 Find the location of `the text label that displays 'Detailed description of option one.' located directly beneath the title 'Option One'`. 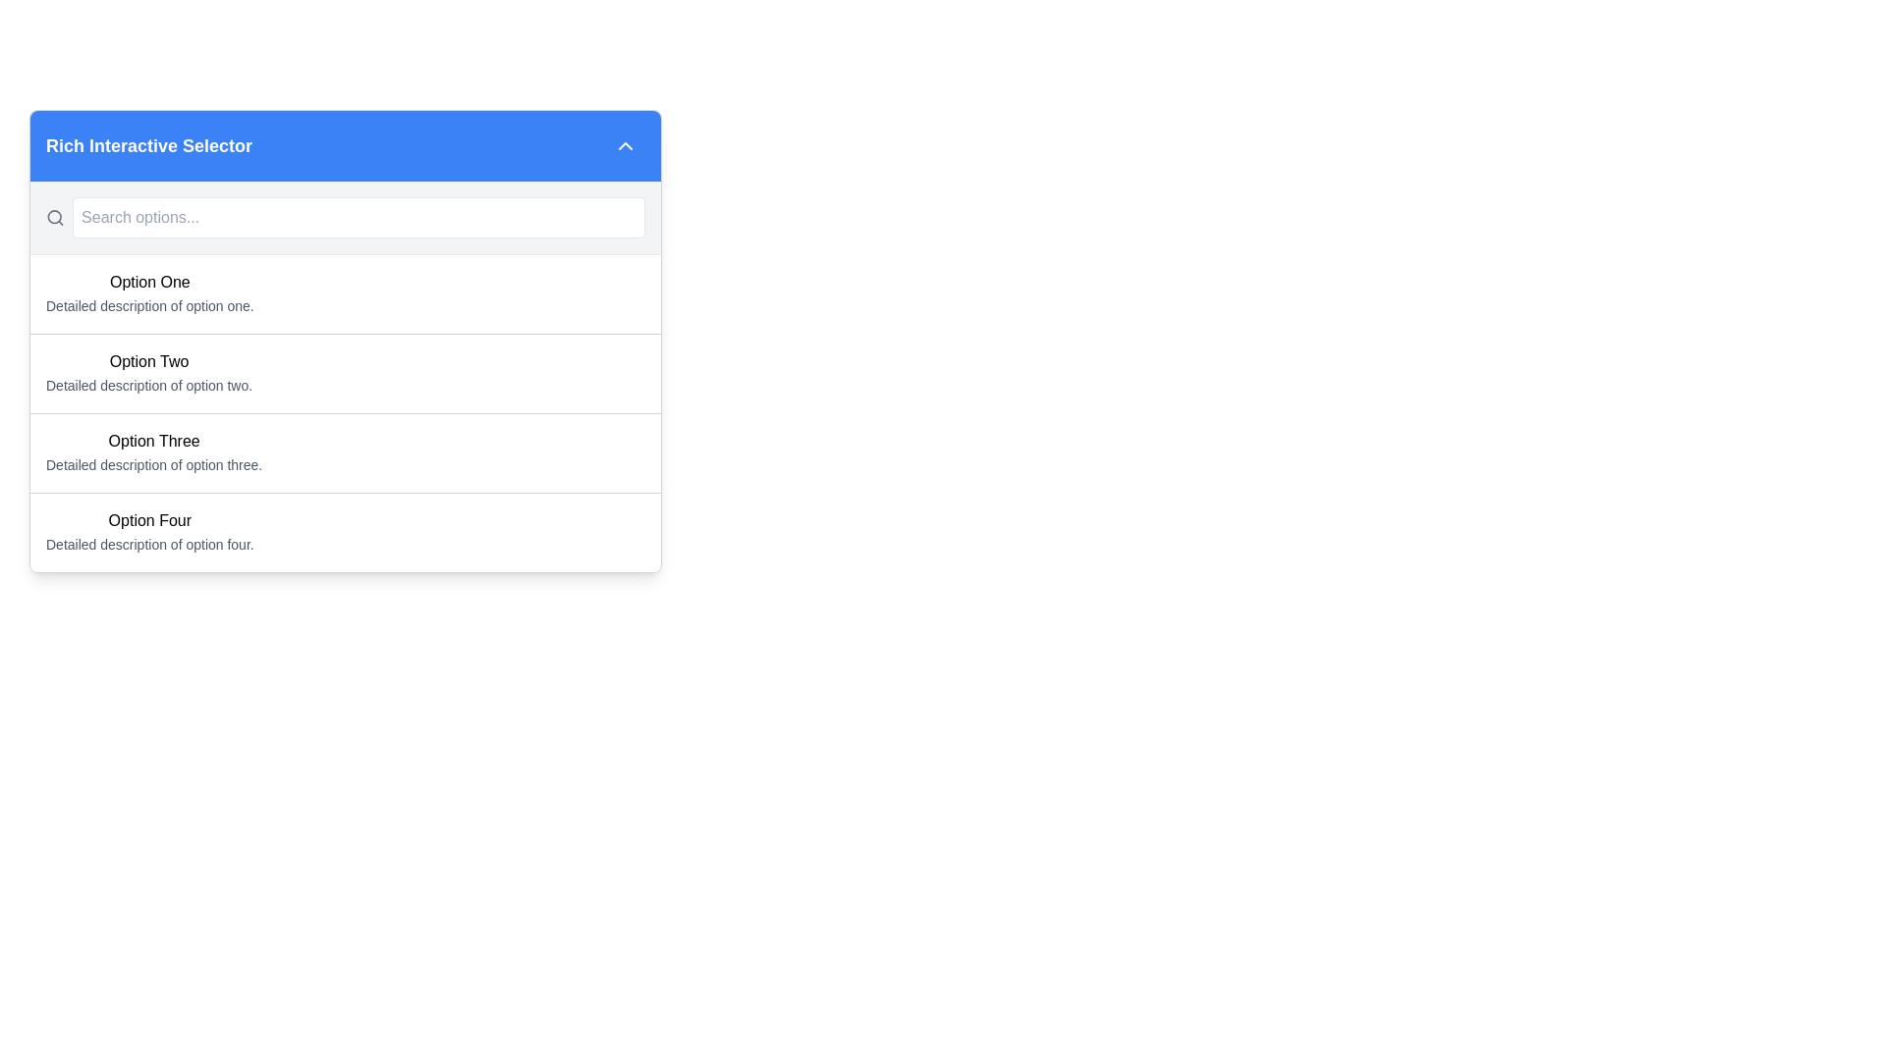

the text label that displays 'Detailed description of option one.' located directly beneath the title 'Option One' is located at coordinates (148, 306).